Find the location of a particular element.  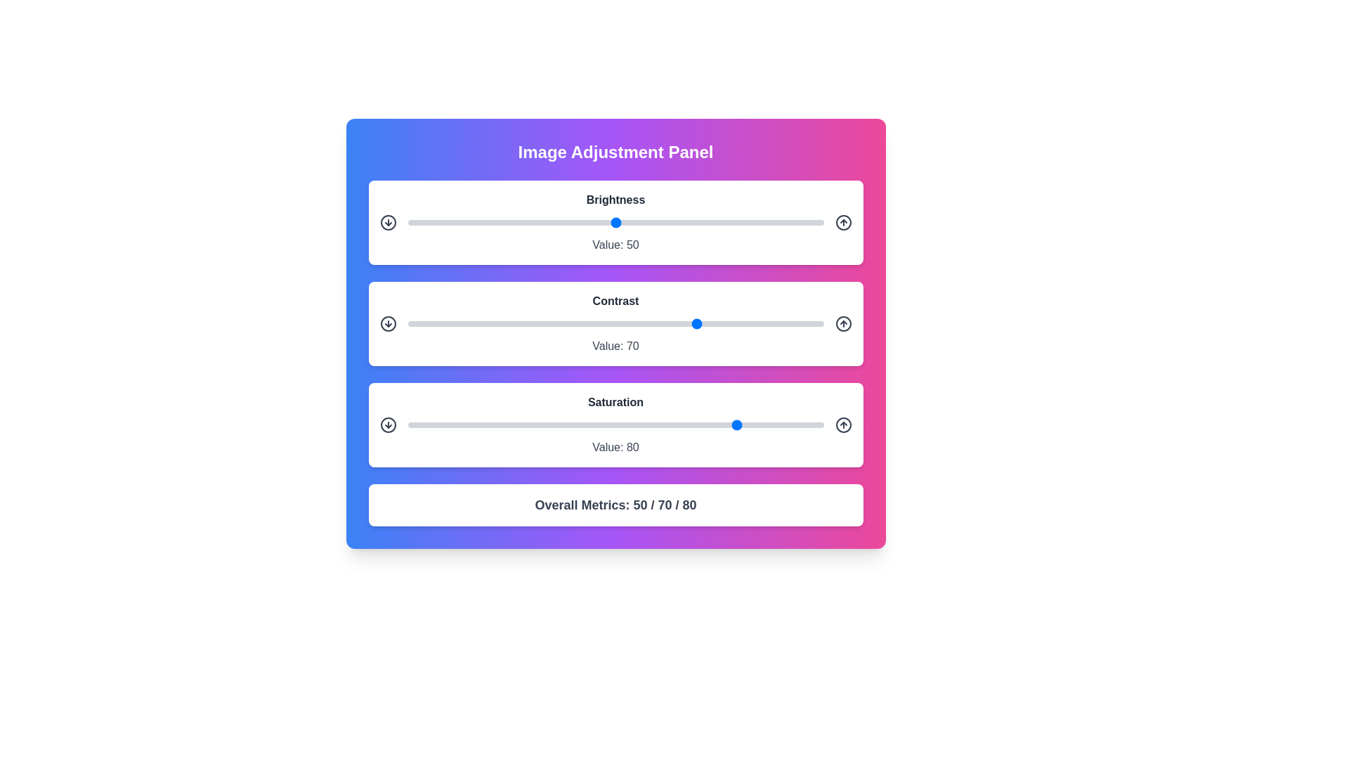

saturation is located at coordinates (703, 424).